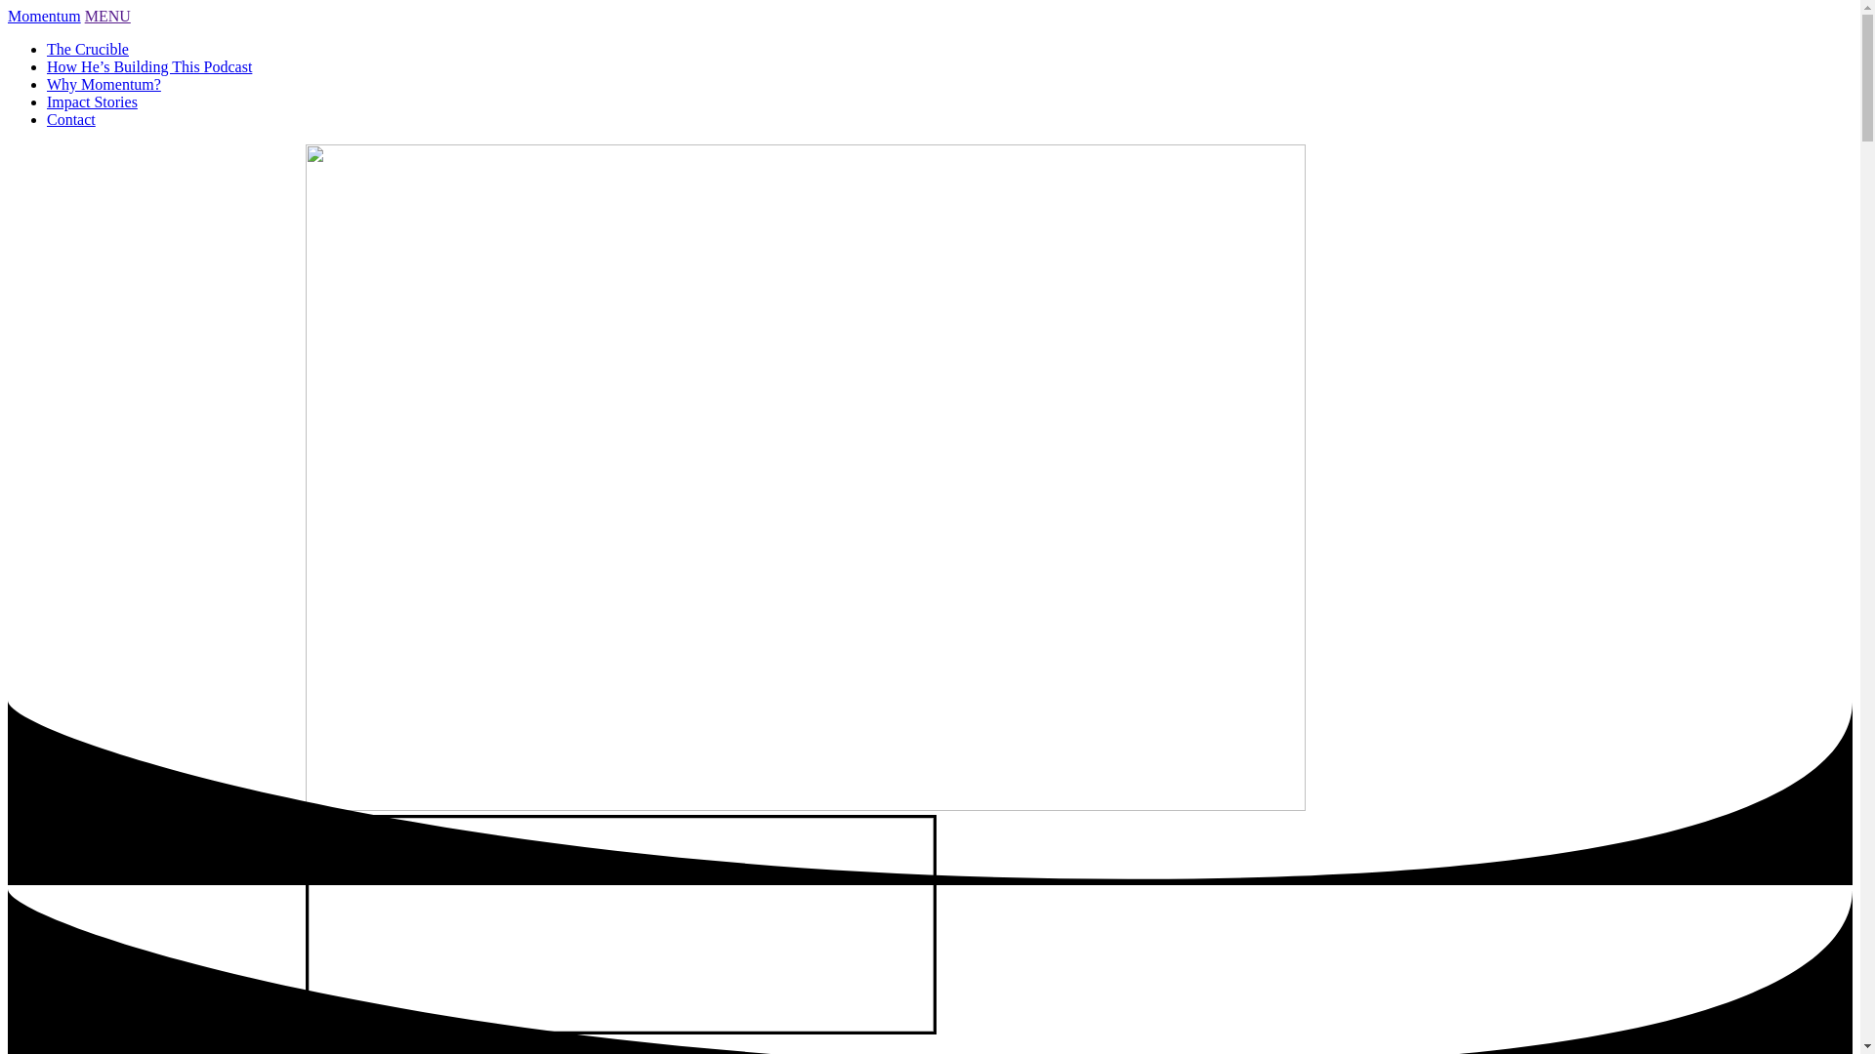 This screenshot has height=1054, width=1875. I want to click on 'The Crucible', so click(87, 48).